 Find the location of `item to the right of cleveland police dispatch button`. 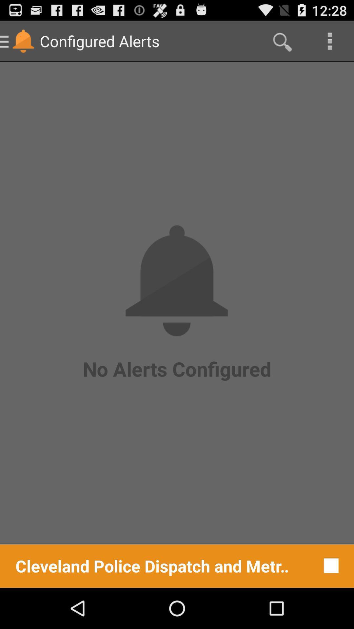

item to the right of cleveland police dispatch button is located at coordinates (329, 565).